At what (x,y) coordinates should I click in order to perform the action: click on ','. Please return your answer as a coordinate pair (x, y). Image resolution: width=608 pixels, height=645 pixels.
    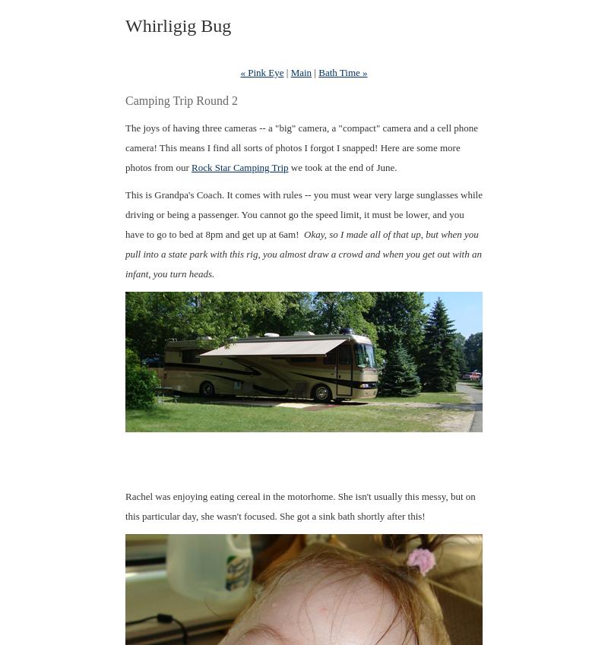
    Looking at the image, I should click on (148, 273).